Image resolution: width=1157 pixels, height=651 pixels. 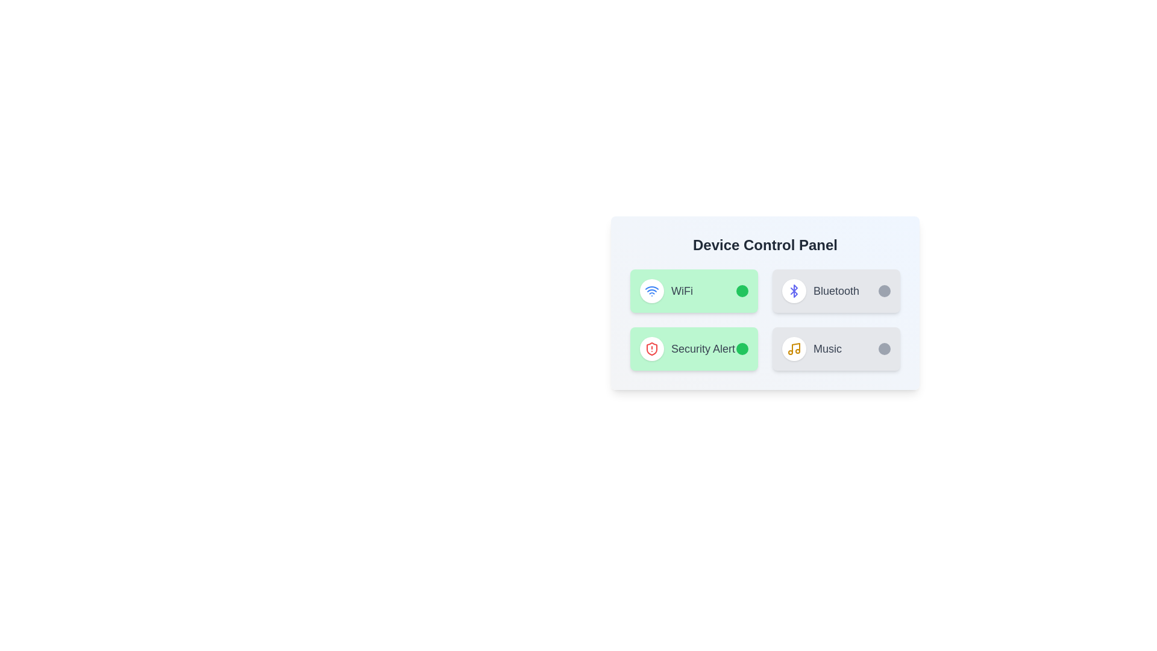 What do you see at coordinates (835, 291) in the screenshot?
I see `the 'Bluetooth' card to toggle its state` at bounding box center [835, 291].